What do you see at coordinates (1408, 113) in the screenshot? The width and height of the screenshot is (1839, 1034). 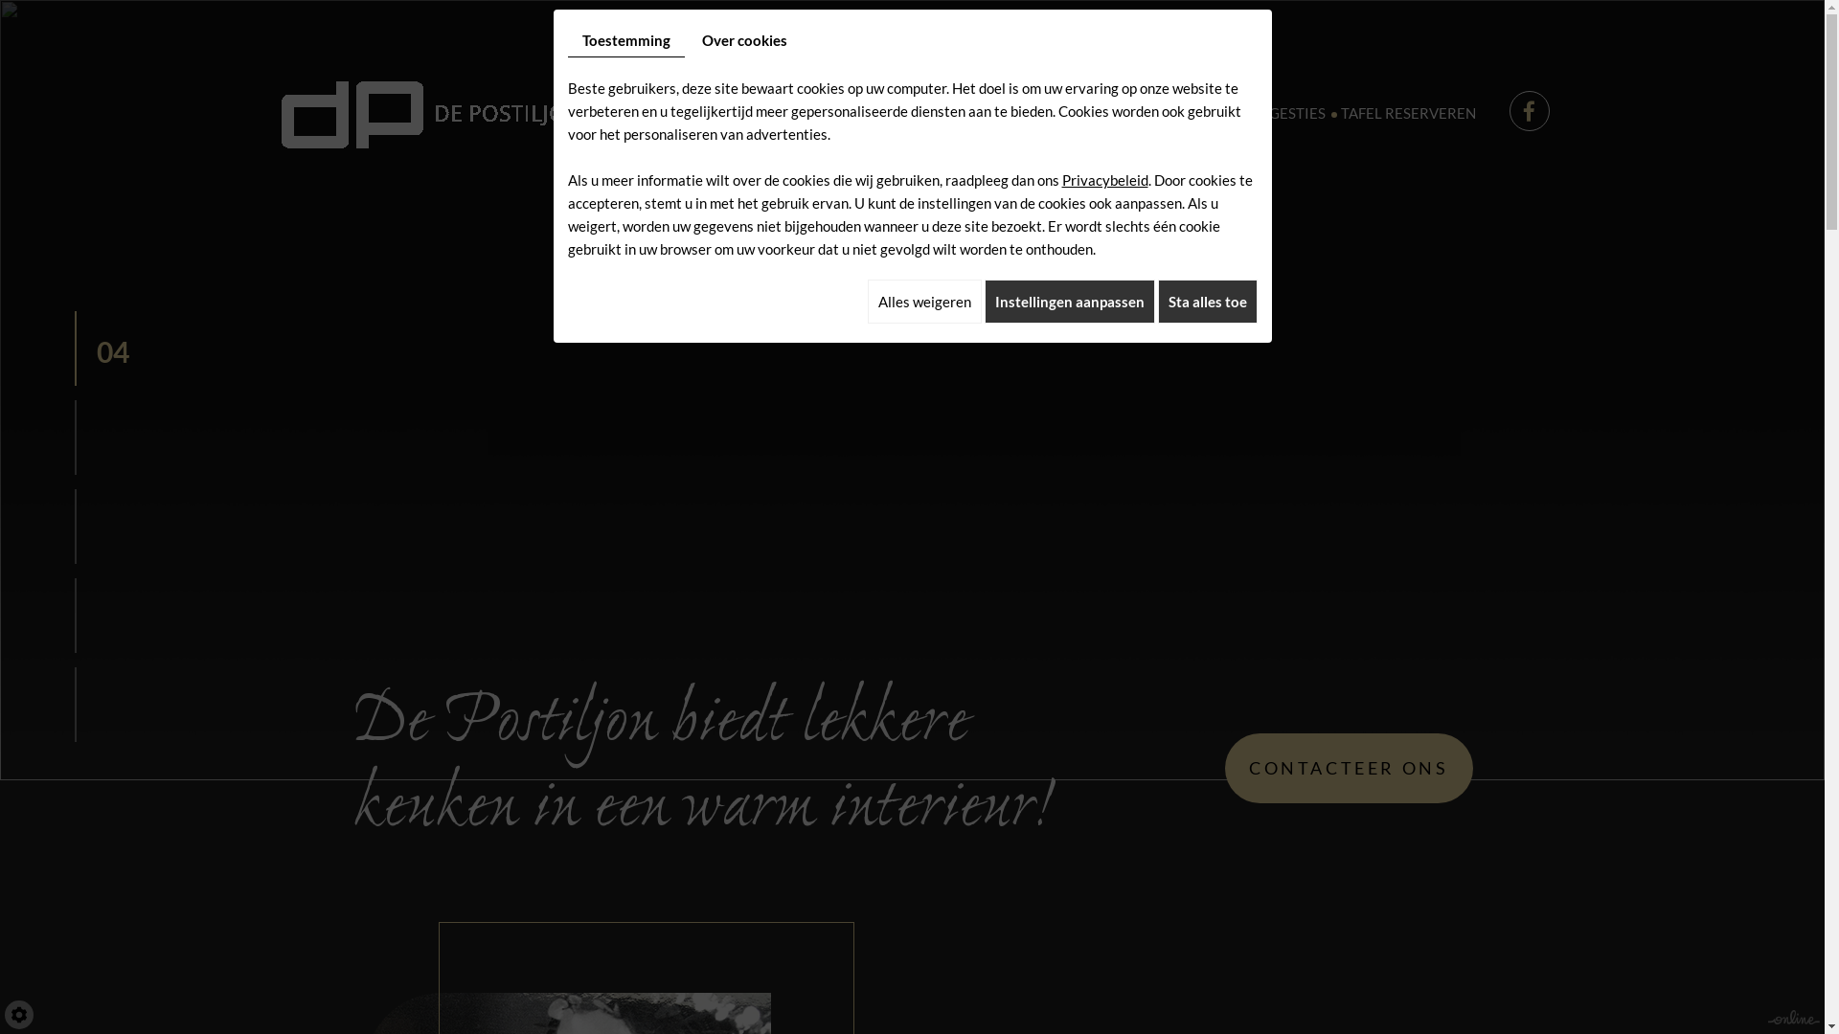 I see `'TAFEL RESERVEREN'` at bounding box center [1408, 113].